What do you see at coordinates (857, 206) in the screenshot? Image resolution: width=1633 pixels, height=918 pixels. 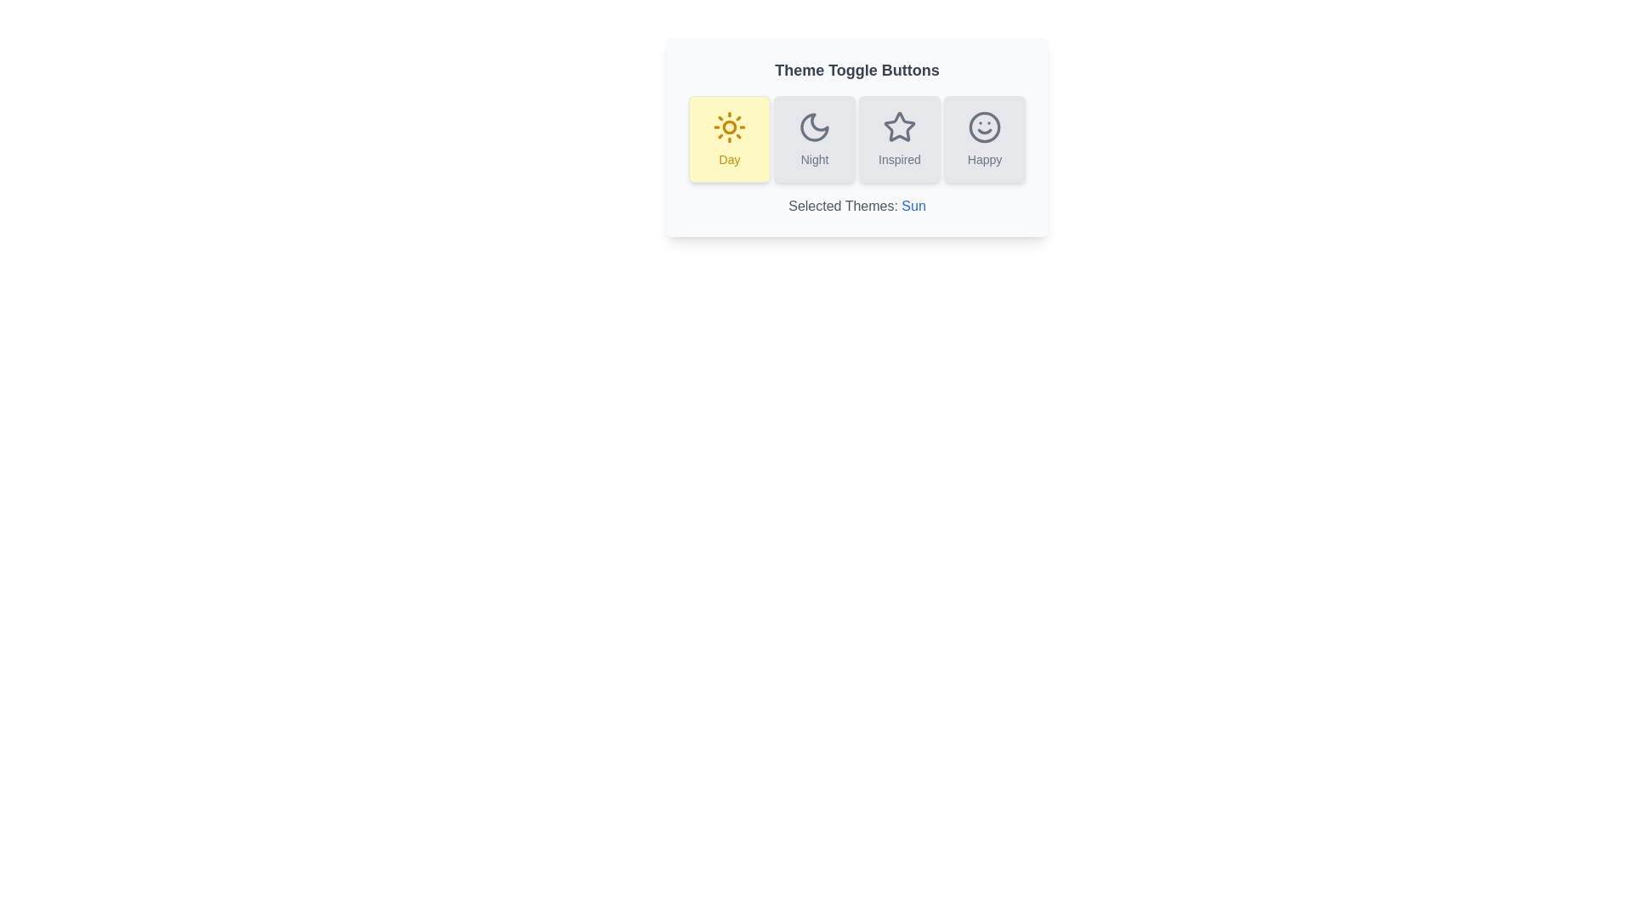 I see `the Text Display element that shows the currently selected theme, located below the theme toggle buttons` at bounding box center [857, 206].